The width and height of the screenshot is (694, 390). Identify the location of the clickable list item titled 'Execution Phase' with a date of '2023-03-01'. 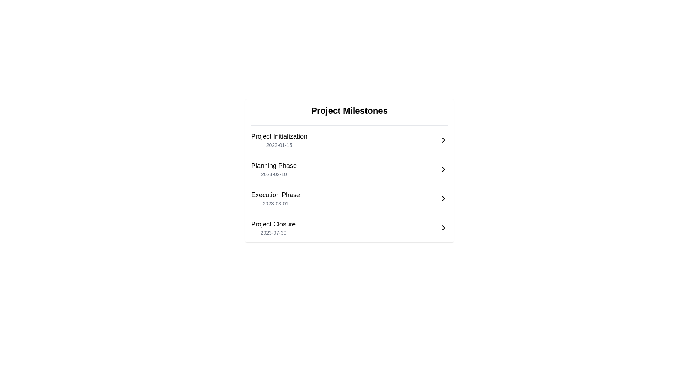
(349, 199).